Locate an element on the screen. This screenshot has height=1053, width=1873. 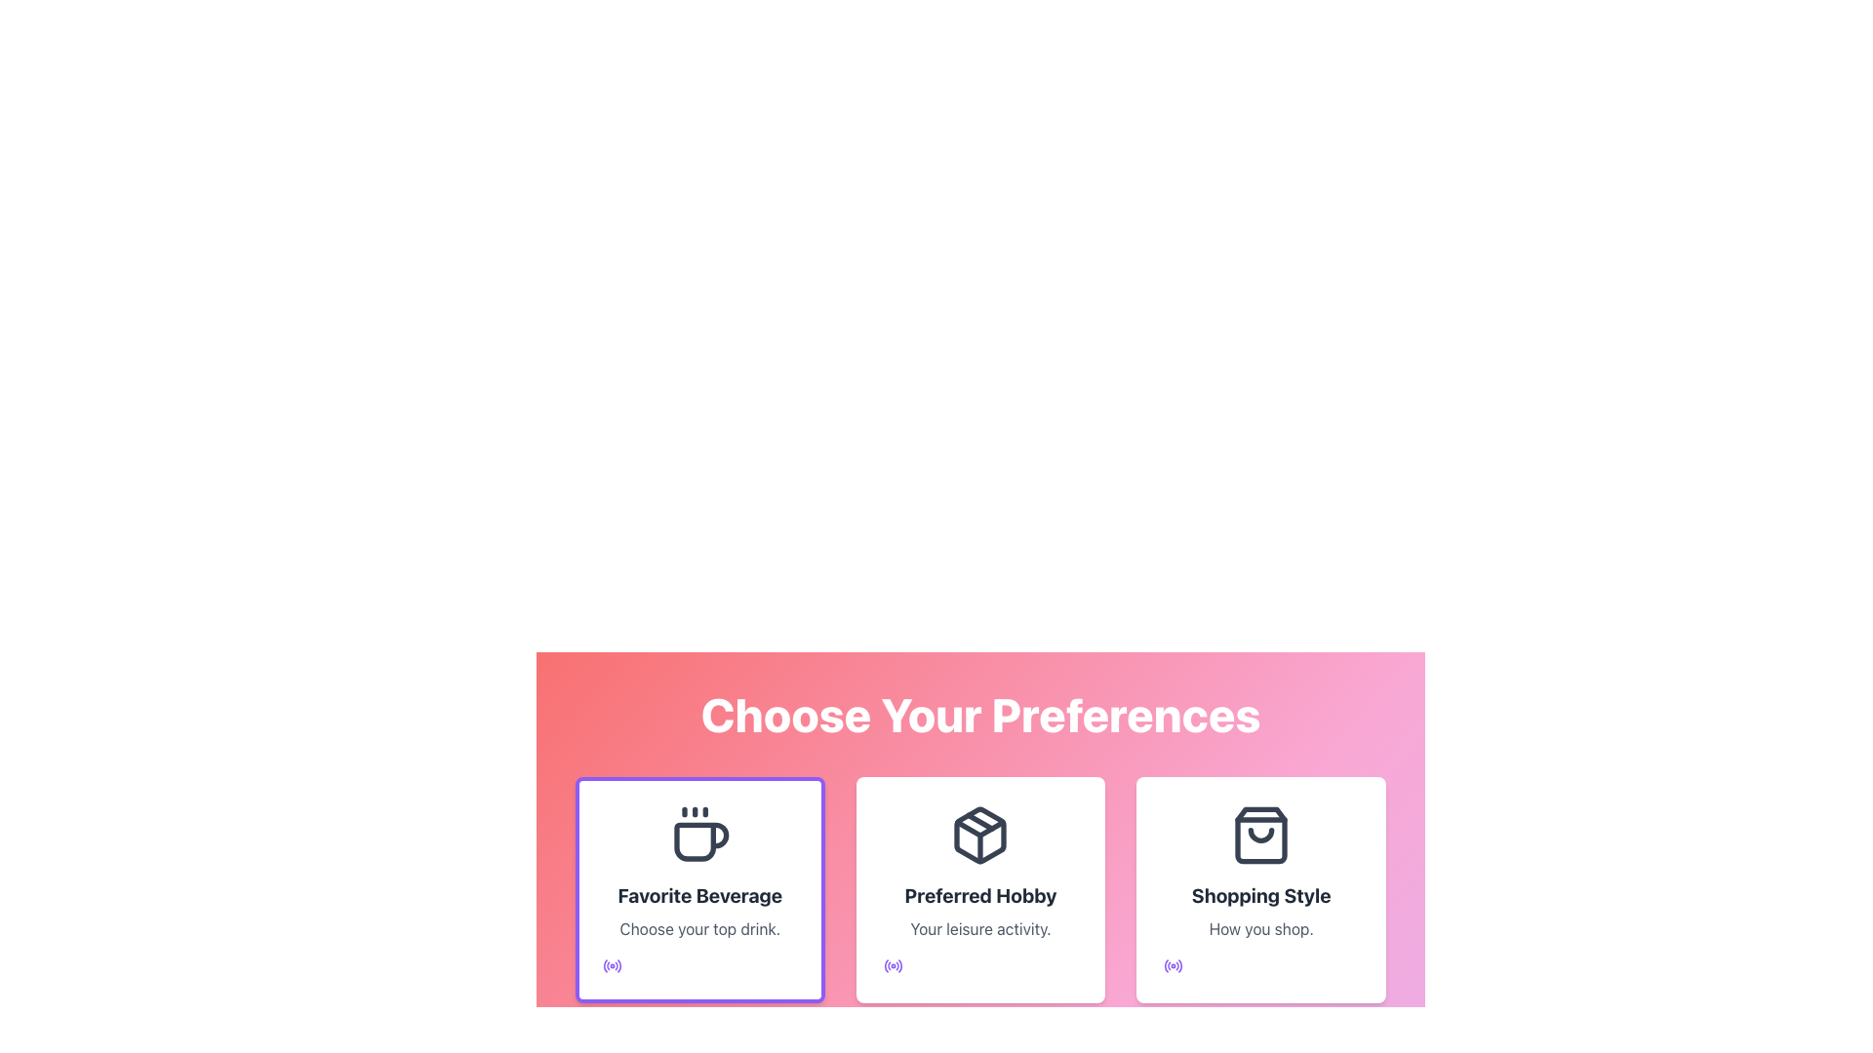
the 'Preferred Hobby' icon located in the second card of a horizontally aligned section between 'Favorite Beverage' and 'Shopping Style' is located at coordinates (980, 834).